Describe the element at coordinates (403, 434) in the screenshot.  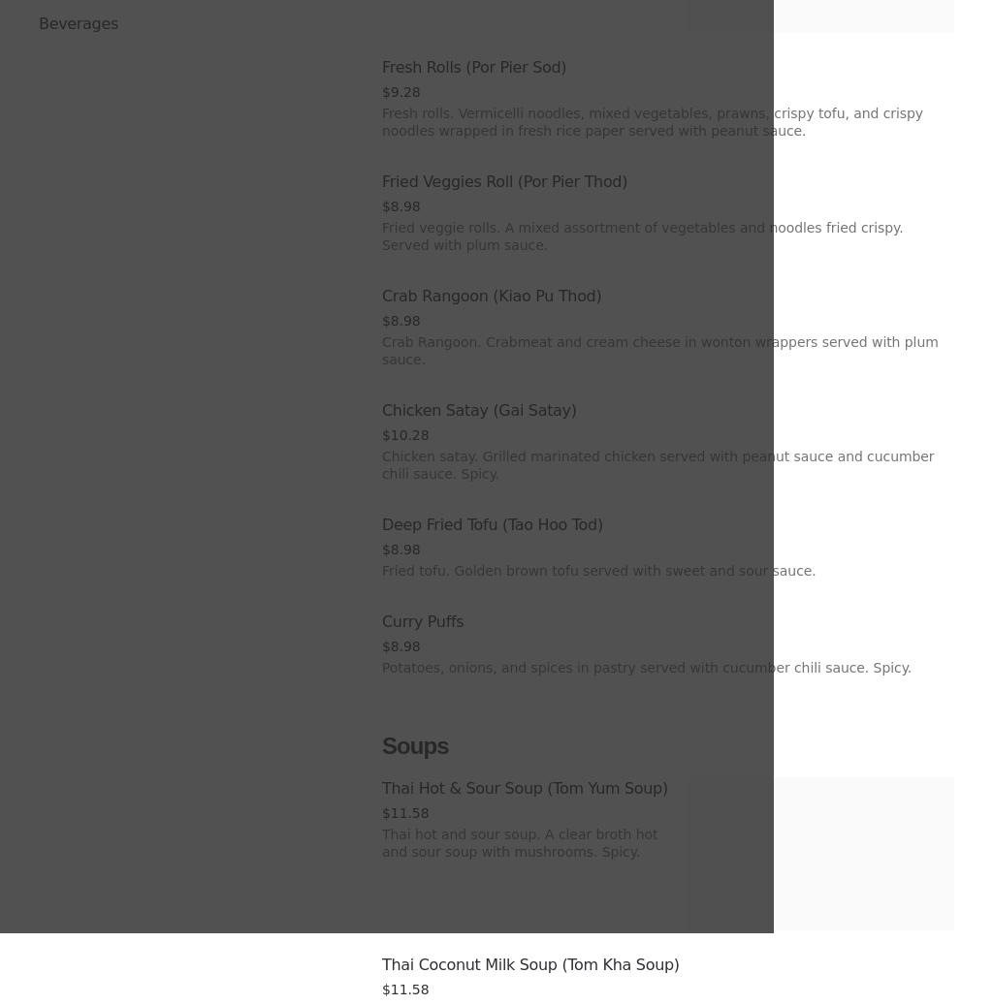
I see `'$10.28'` at that location.